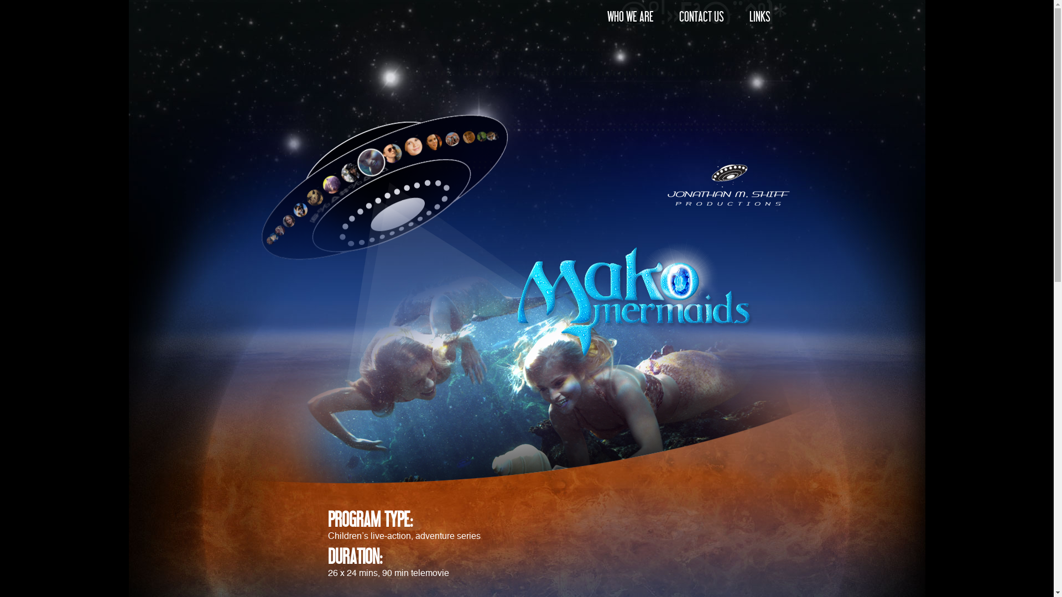 This screenshot has width=1062, height=597. I want to click on 'Ocean Girl', so click(287, 222).